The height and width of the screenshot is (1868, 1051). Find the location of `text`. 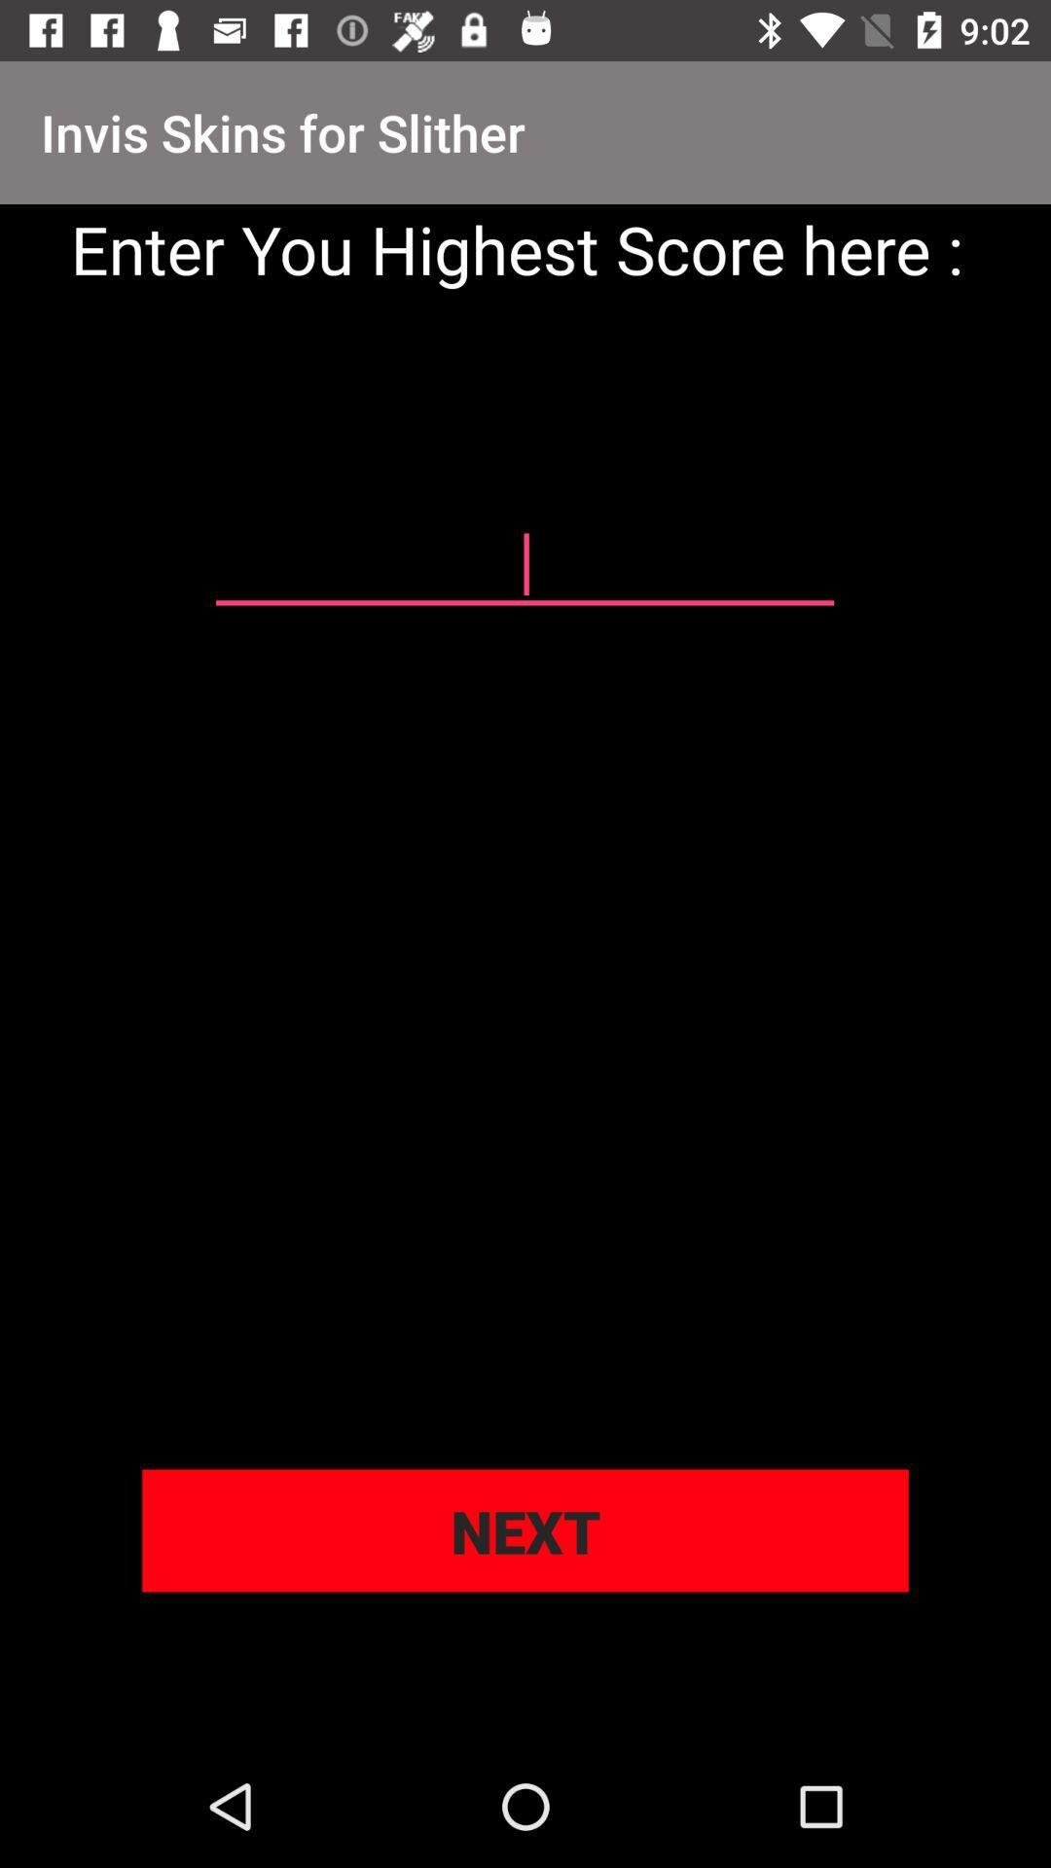

text is located at coordinates (524, 564).